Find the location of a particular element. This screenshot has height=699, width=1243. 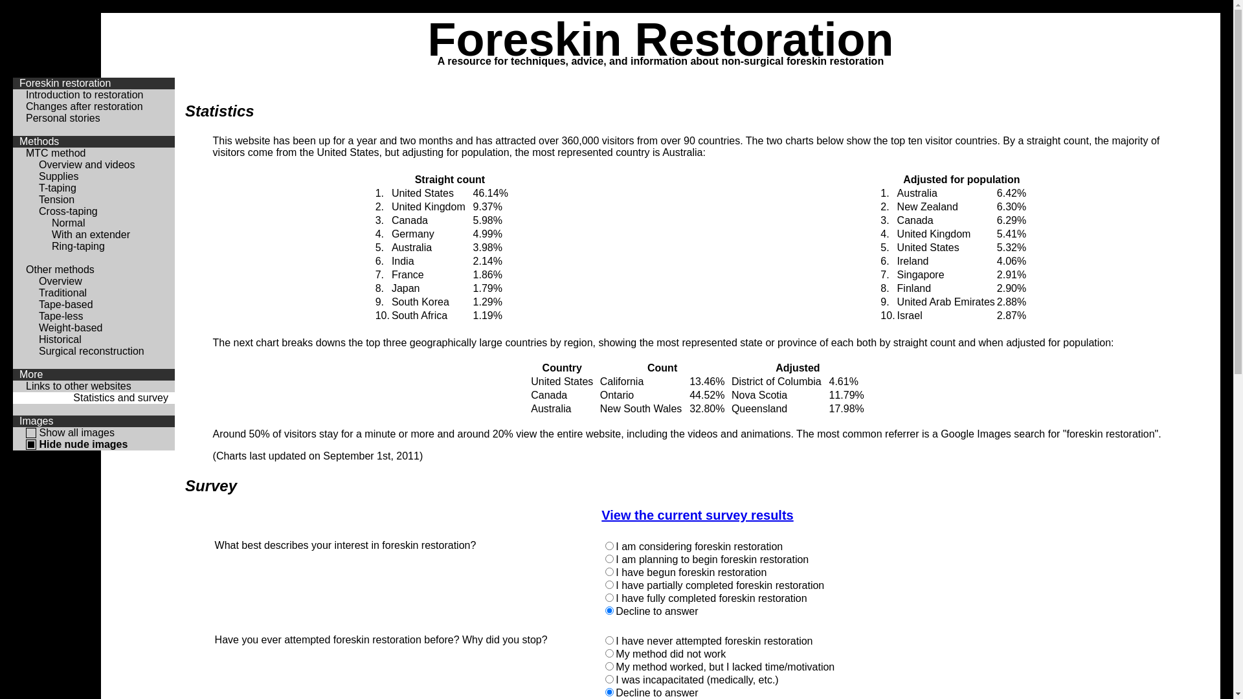

'Ring-taping' is located at coordinates (77, 246).